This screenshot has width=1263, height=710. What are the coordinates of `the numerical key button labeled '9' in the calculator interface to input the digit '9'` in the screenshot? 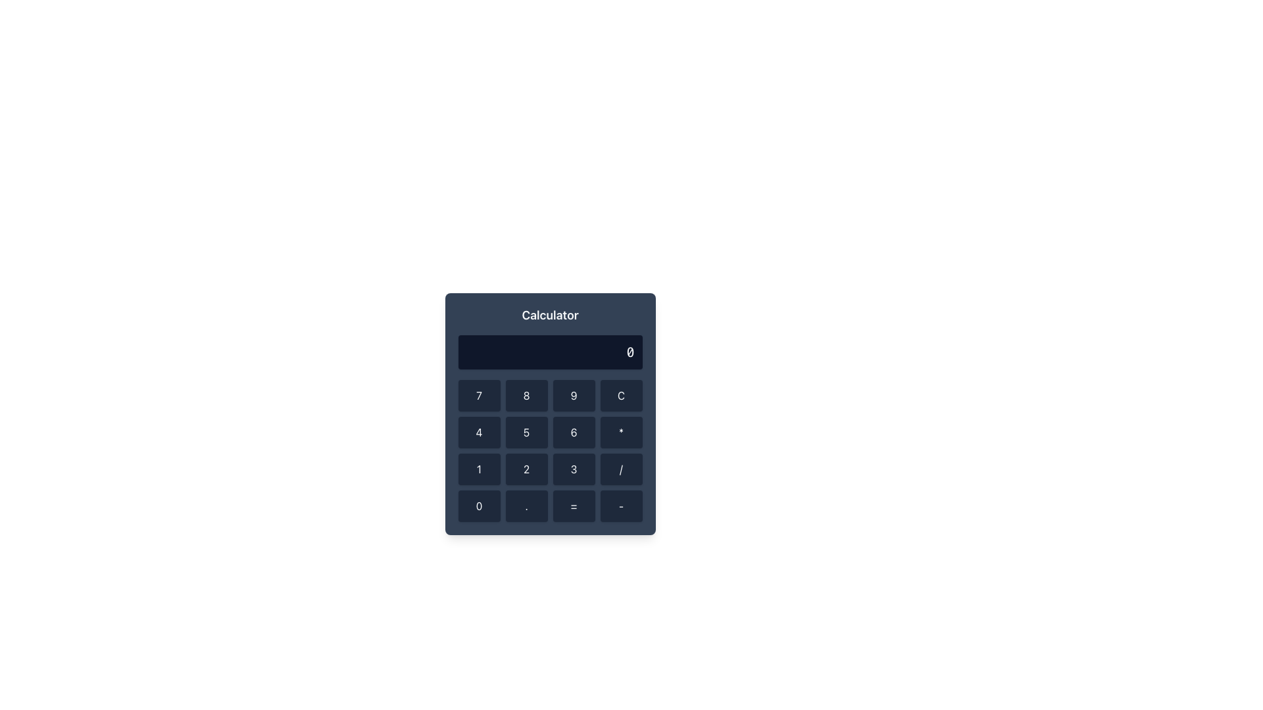 It's located at (574, 394).